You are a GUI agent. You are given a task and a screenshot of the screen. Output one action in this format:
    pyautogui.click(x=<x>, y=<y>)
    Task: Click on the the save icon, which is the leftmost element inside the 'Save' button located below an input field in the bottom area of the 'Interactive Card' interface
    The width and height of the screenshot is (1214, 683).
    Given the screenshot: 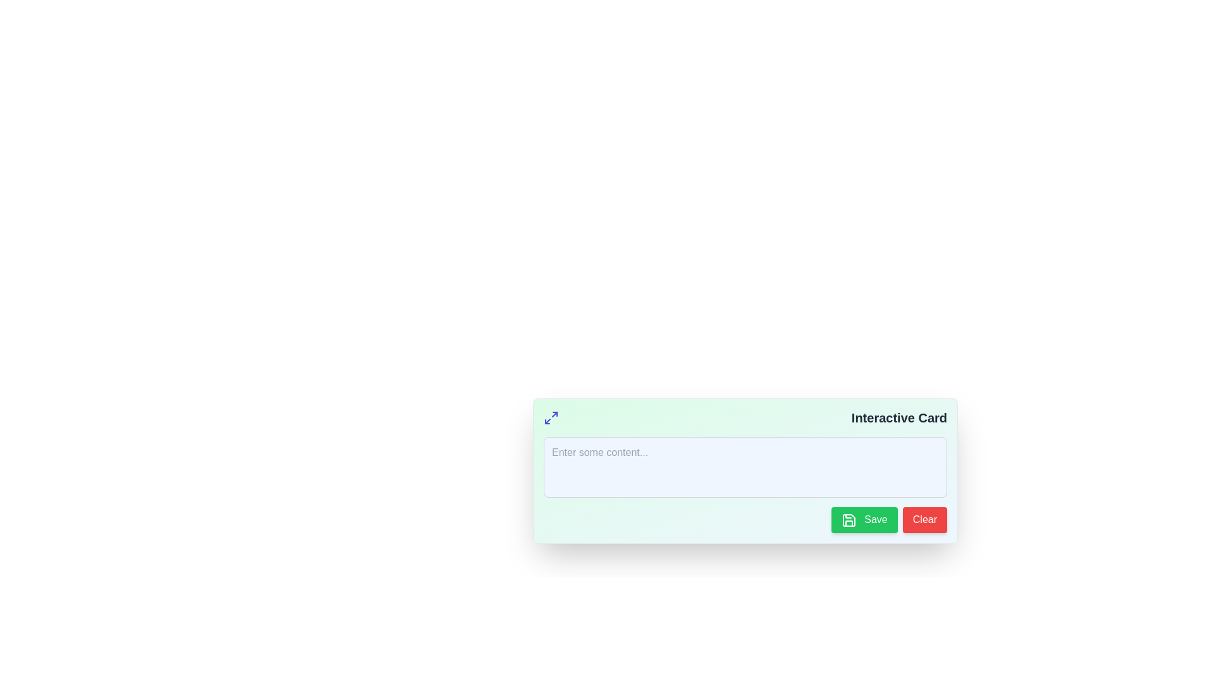 What is the action you would take?
    pyautogui.click(x=849, y=520)
    